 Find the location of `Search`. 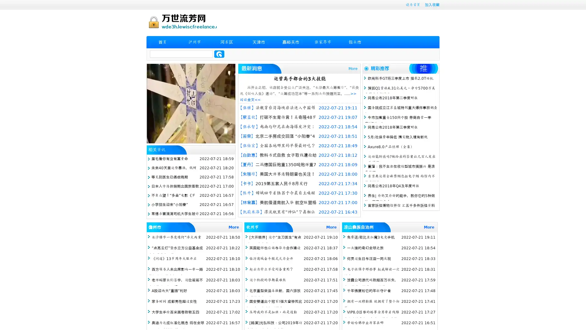

Search is located at coordinates (219, 54).